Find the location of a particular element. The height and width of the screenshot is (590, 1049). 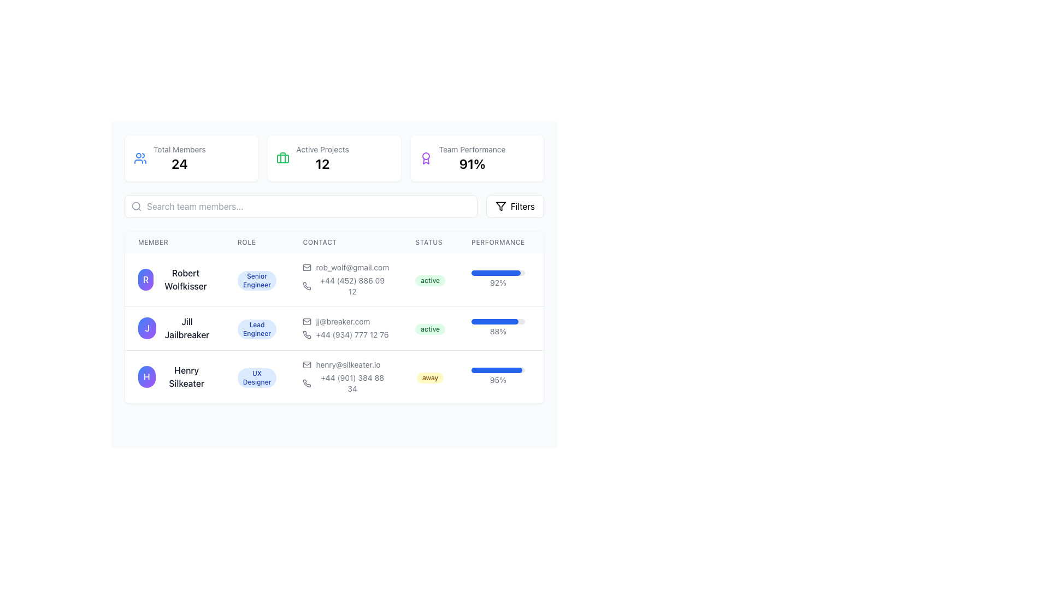

the Text Display element that indicates a percentage-based metric for team performance located in the top-right portion of the interface is located at coordinates (472, 164).